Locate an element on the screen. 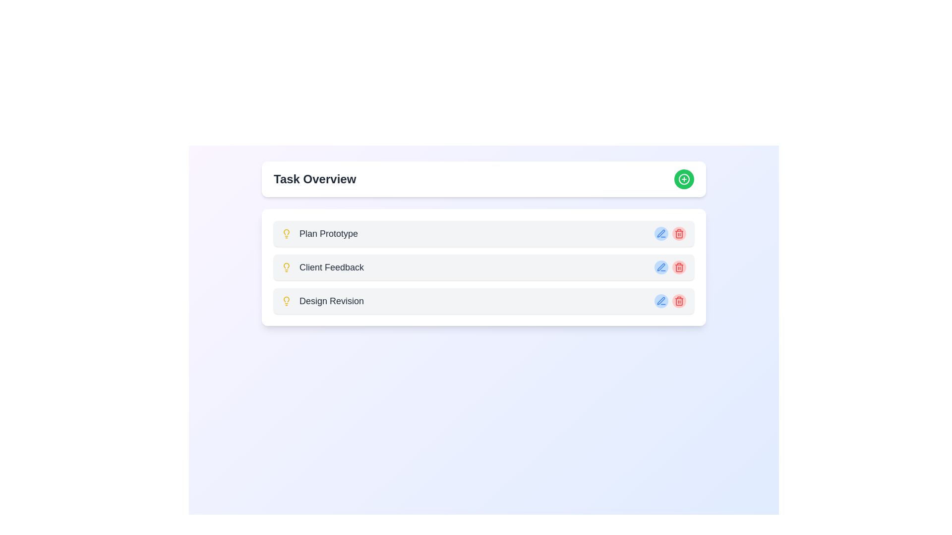 Image resolution: width=952 pixels, height=535 pixels. the lightbulb icon that is styled with yellow color and outlined strokes, located next to the text 'Design Revision' is located at coordinates (286, 301).